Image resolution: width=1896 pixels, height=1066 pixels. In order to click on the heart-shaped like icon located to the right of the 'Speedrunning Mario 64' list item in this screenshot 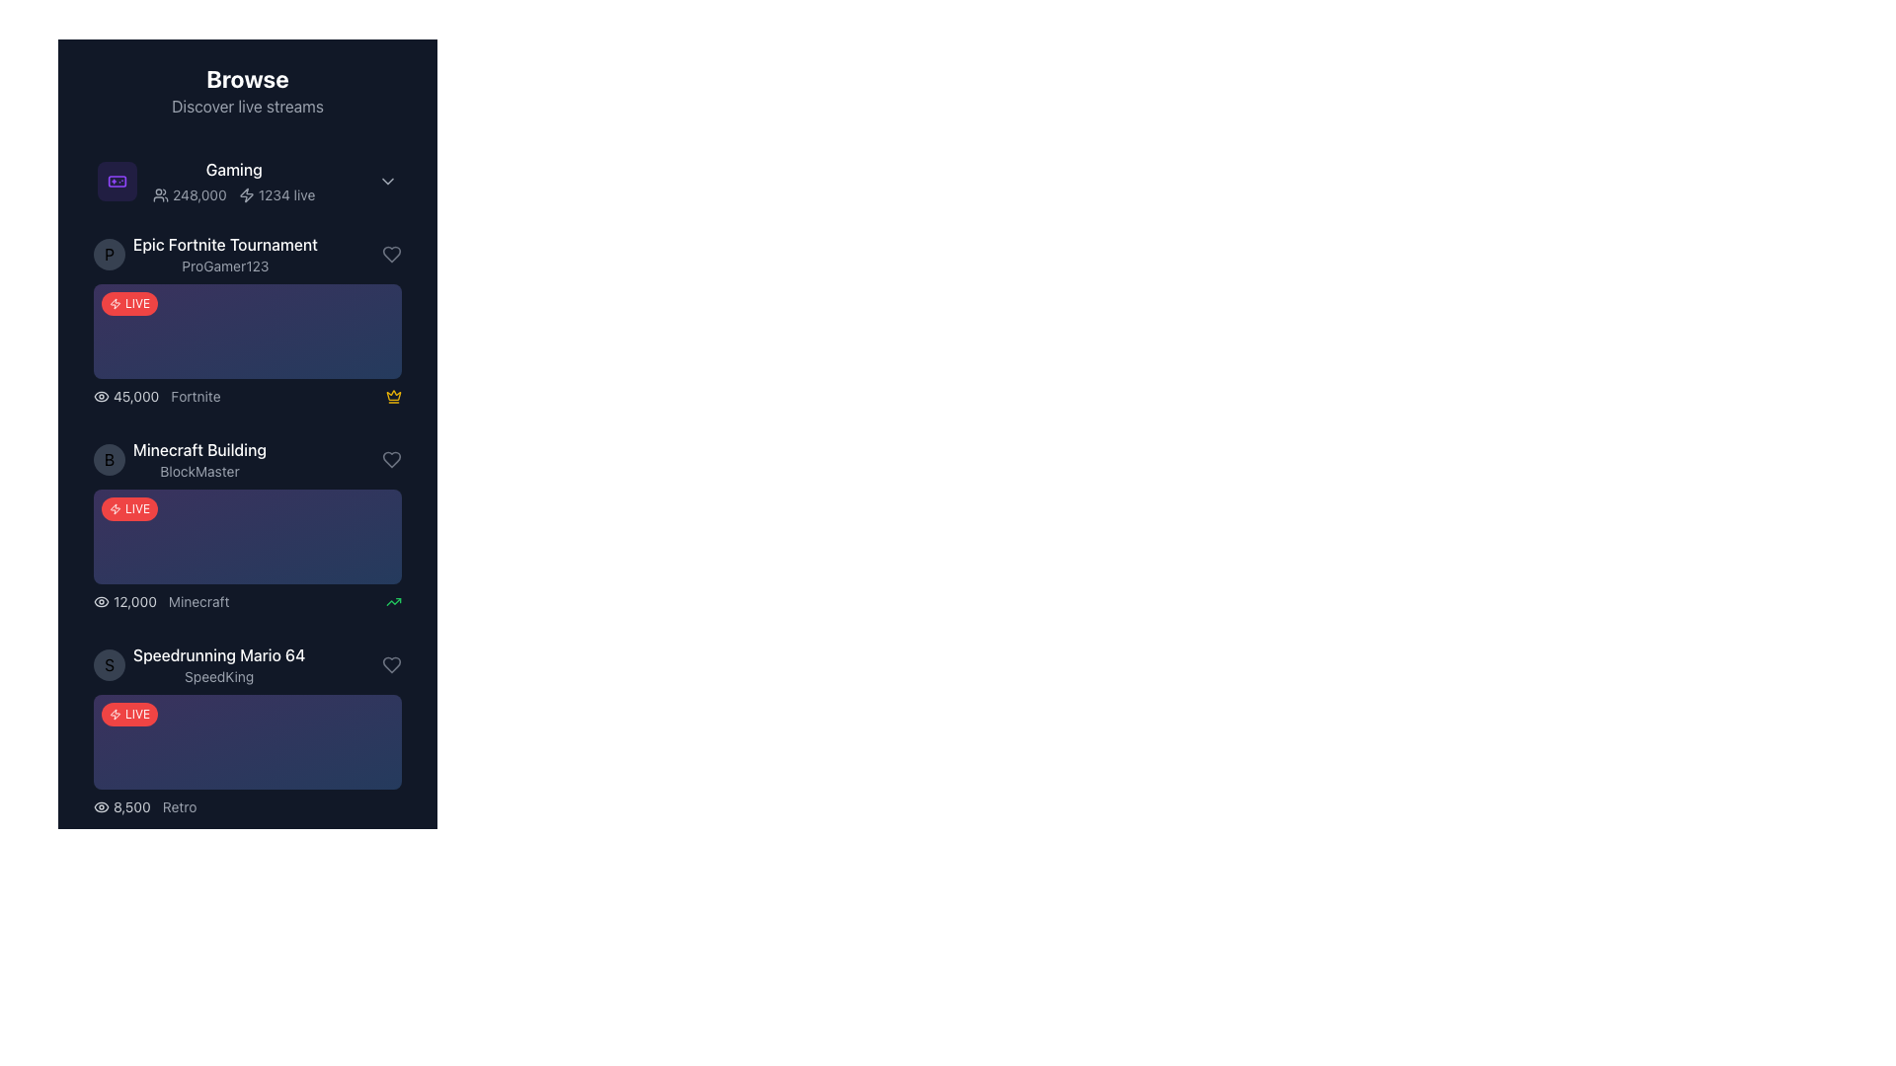, I will do `click(392, 460)`.